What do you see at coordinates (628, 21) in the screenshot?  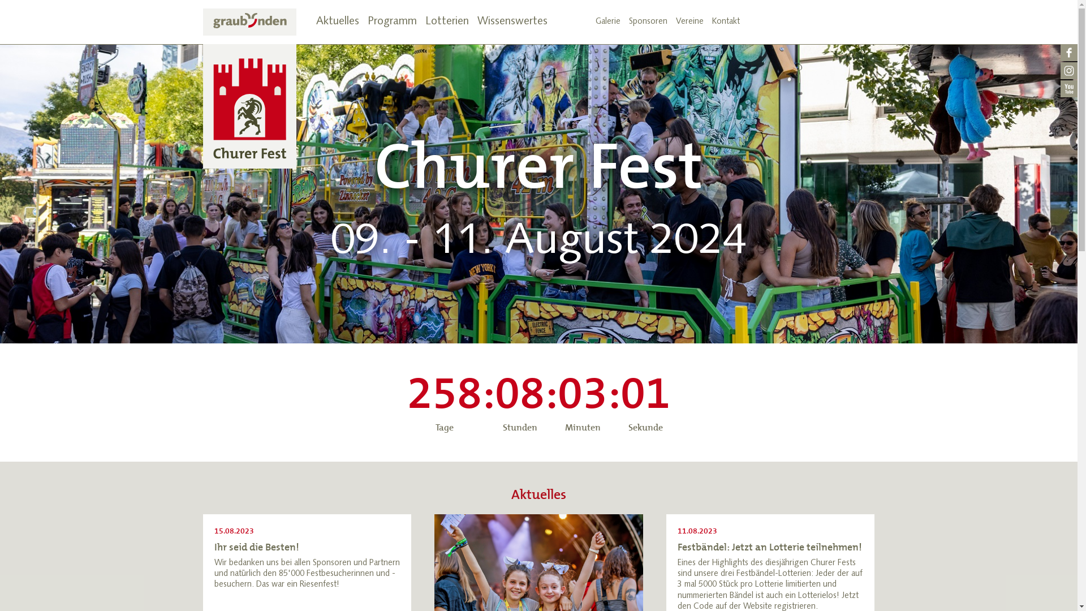 I see `'Sponsoren'` at bounding box center [628, 21].